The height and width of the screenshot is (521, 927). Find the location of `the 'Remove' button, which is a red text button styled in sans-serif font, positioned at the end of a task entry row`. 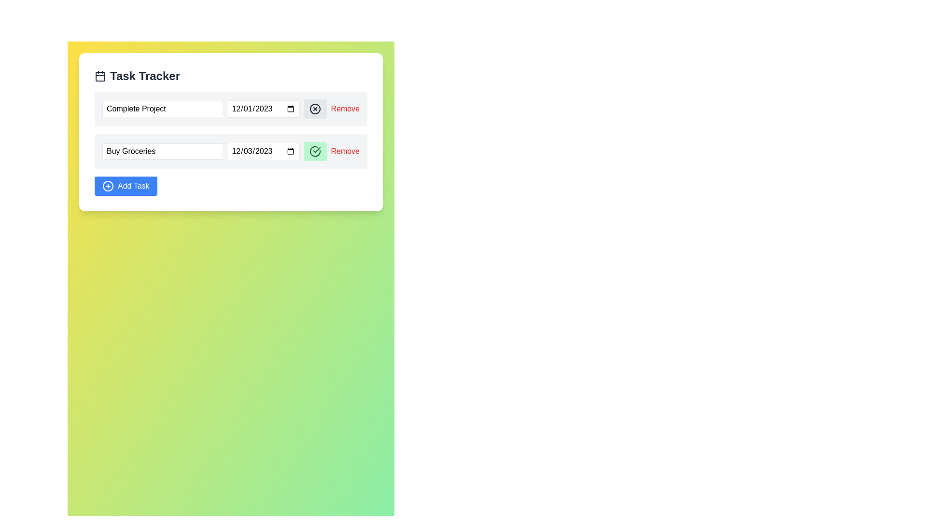

the 'Remove' button, which is a red text button styled in sans-serif font, positioned at the end of a task entry row is located at coordinates (345, 151).